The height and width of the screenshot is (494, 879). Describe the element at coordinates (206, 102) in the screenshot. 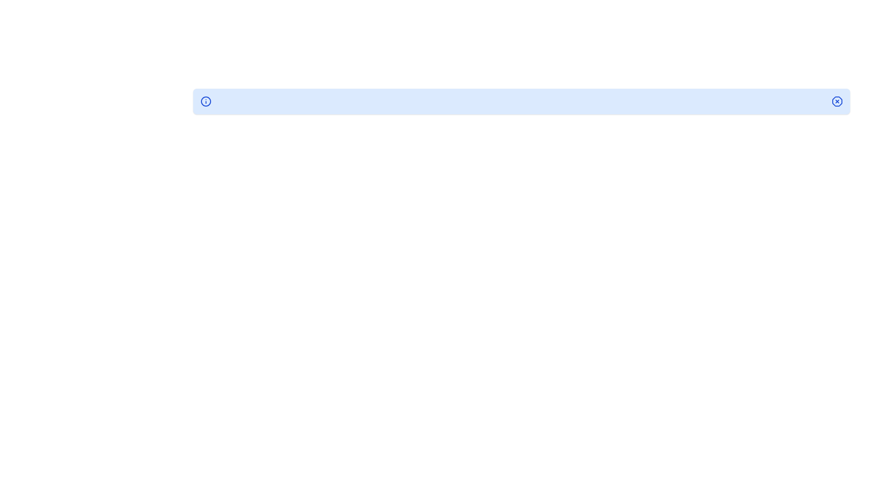

I see `the prominent circular graphical element located at the center of the interactive icon near the right end of the horizontal bar in the upper section of the interface` at that location.